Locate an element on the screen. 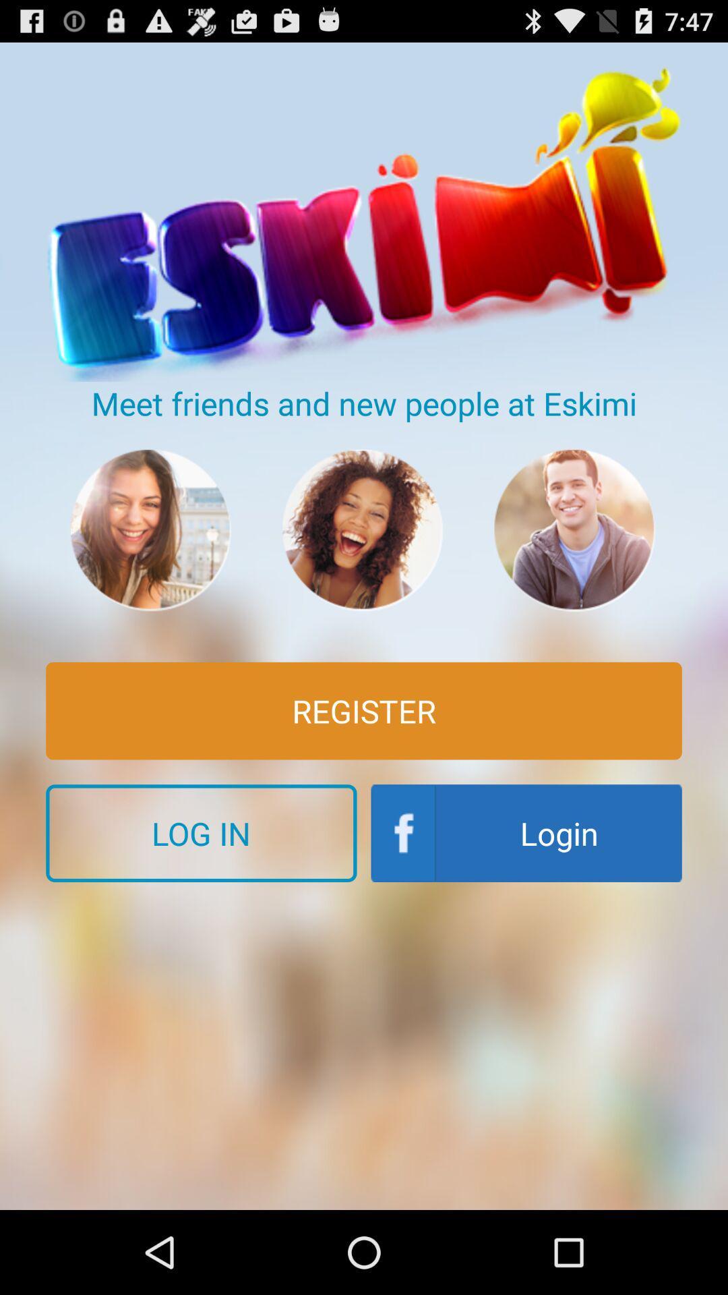  icon below the register item is located at coordinates (526, 832).